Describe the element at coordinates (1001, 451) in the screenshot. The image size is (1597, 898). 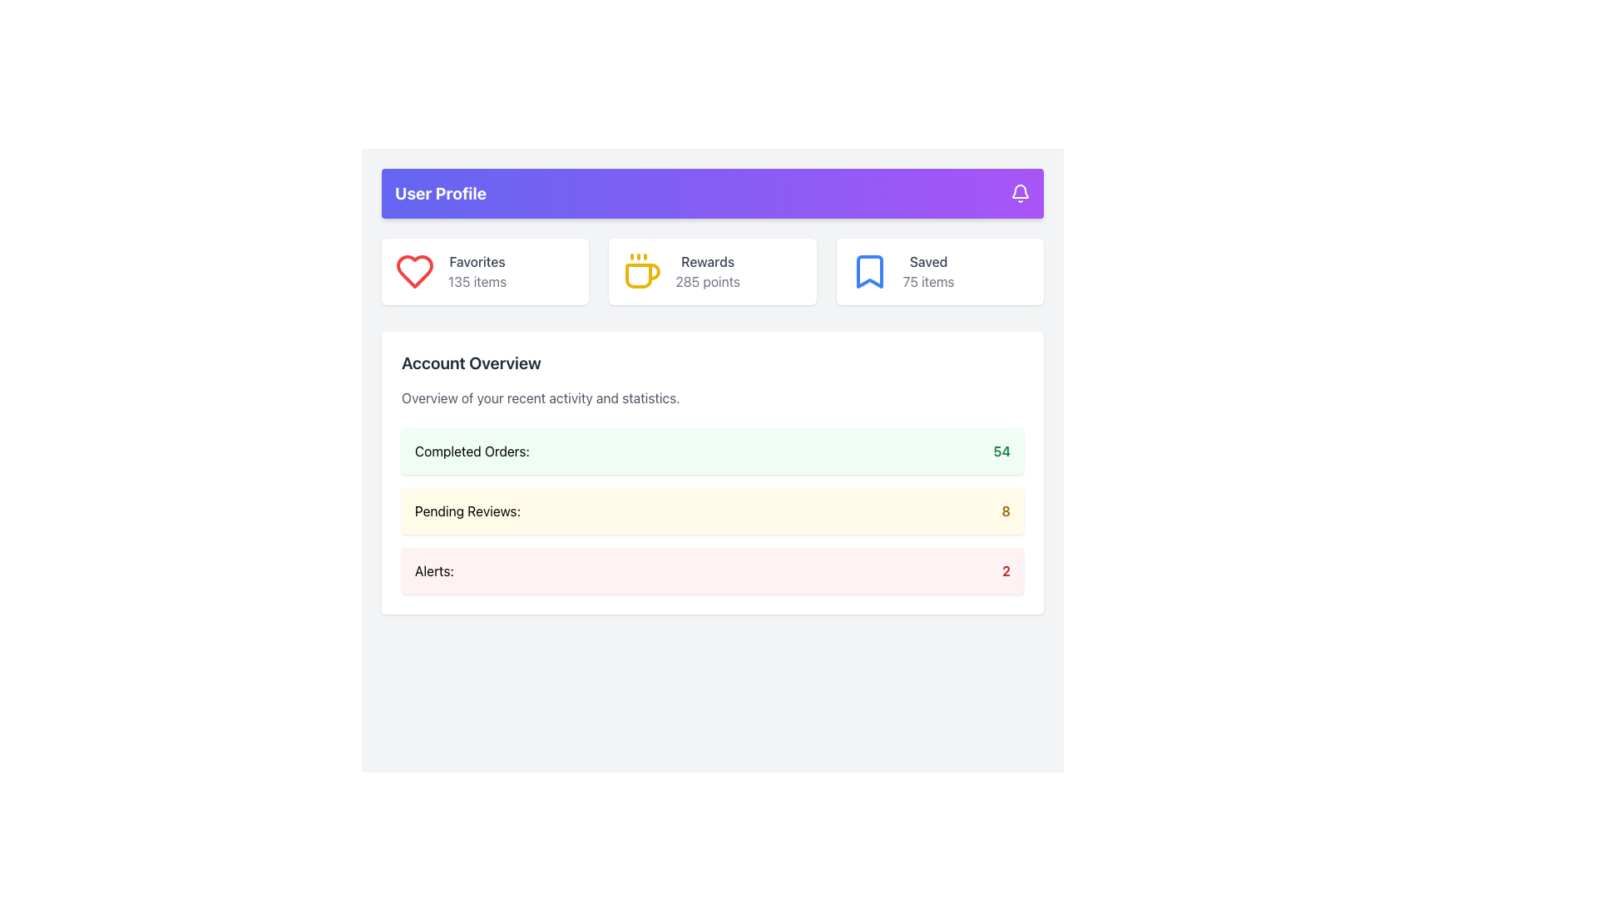
I see `the text displaying the count of completed orders, which is located in the green-highlighted section labeled 'Completed Orders:' and aligned to the bottom right of this section` at that location.